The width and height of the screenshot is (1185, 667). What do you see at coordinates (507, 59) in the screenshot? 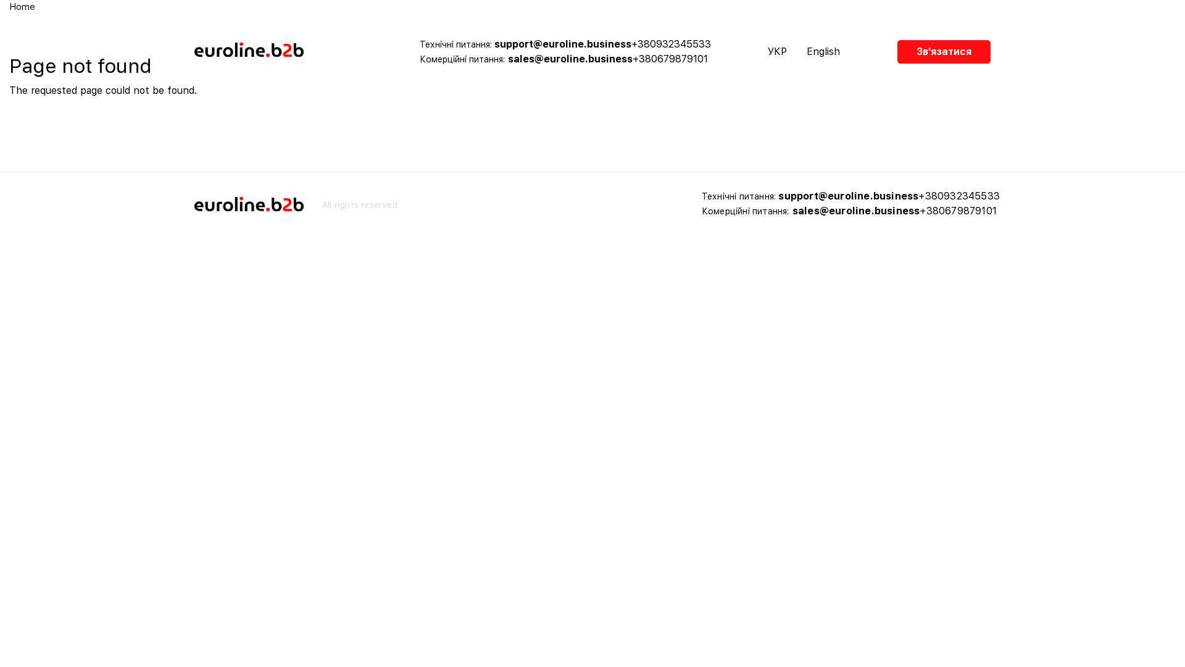
I see `'sales@euroline.business'` at bounding box center [507, 59].